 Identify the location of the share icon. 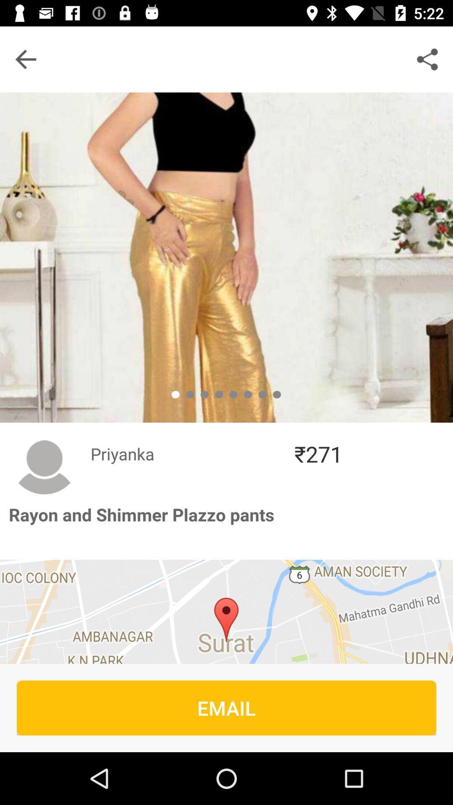
(427, 59).